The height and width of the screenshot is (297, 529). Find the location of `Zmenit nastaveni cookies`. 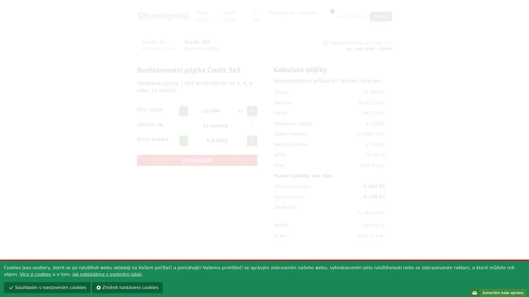

Zmenit nastaveni cookies is located at coordinates (127, 287).